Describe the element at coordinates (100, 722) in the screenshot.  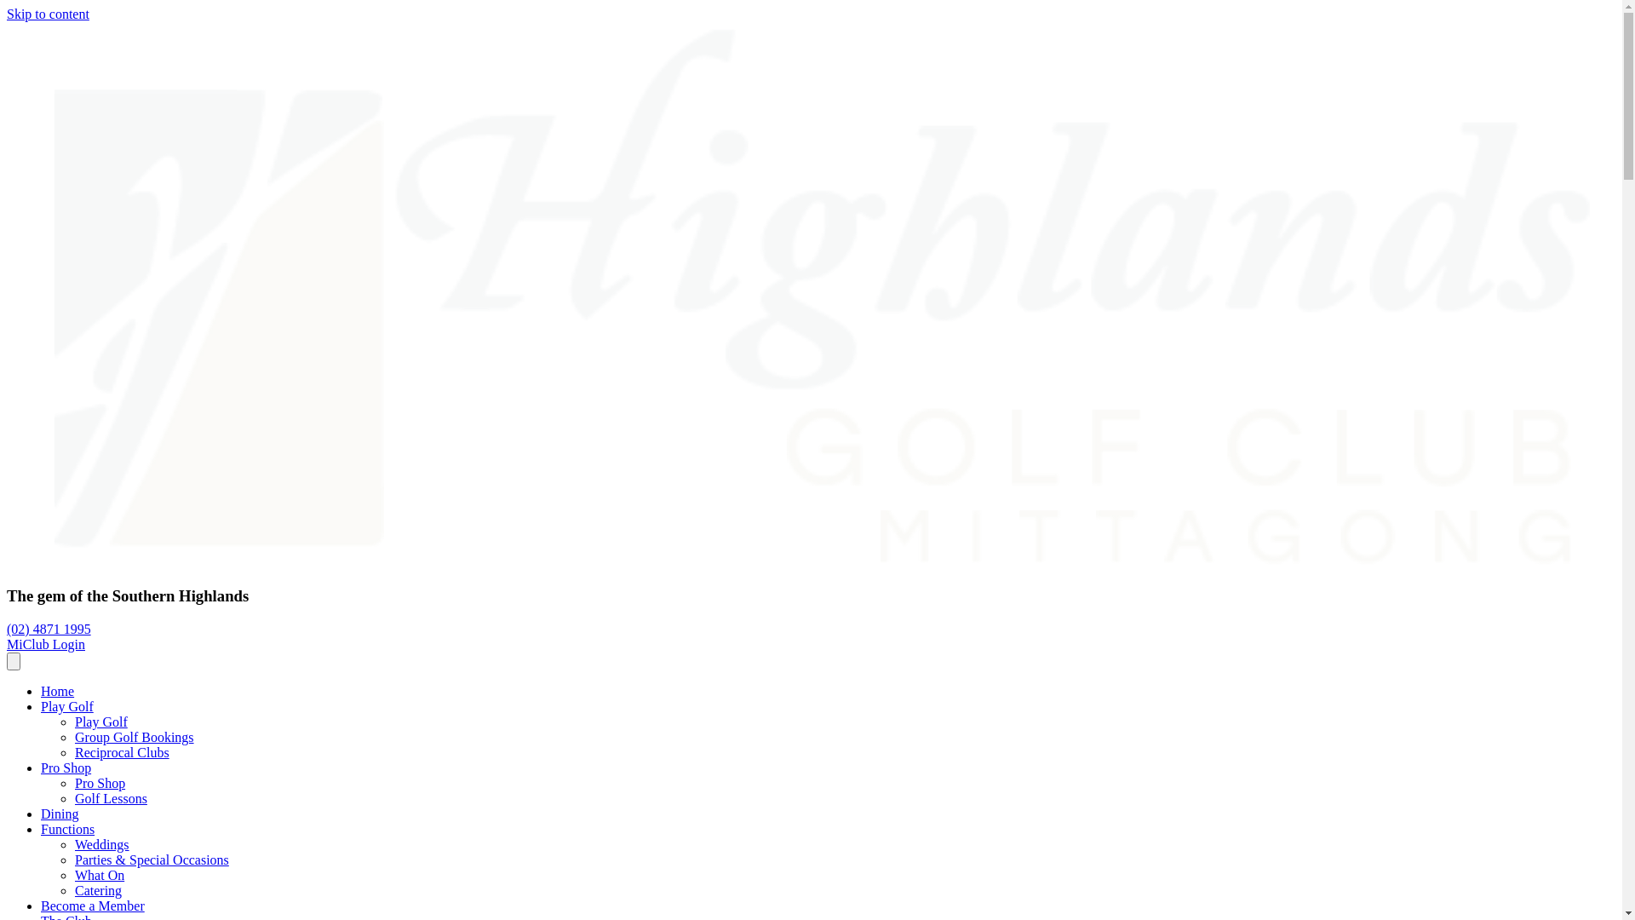
I see `'Play Golf'` at that location.